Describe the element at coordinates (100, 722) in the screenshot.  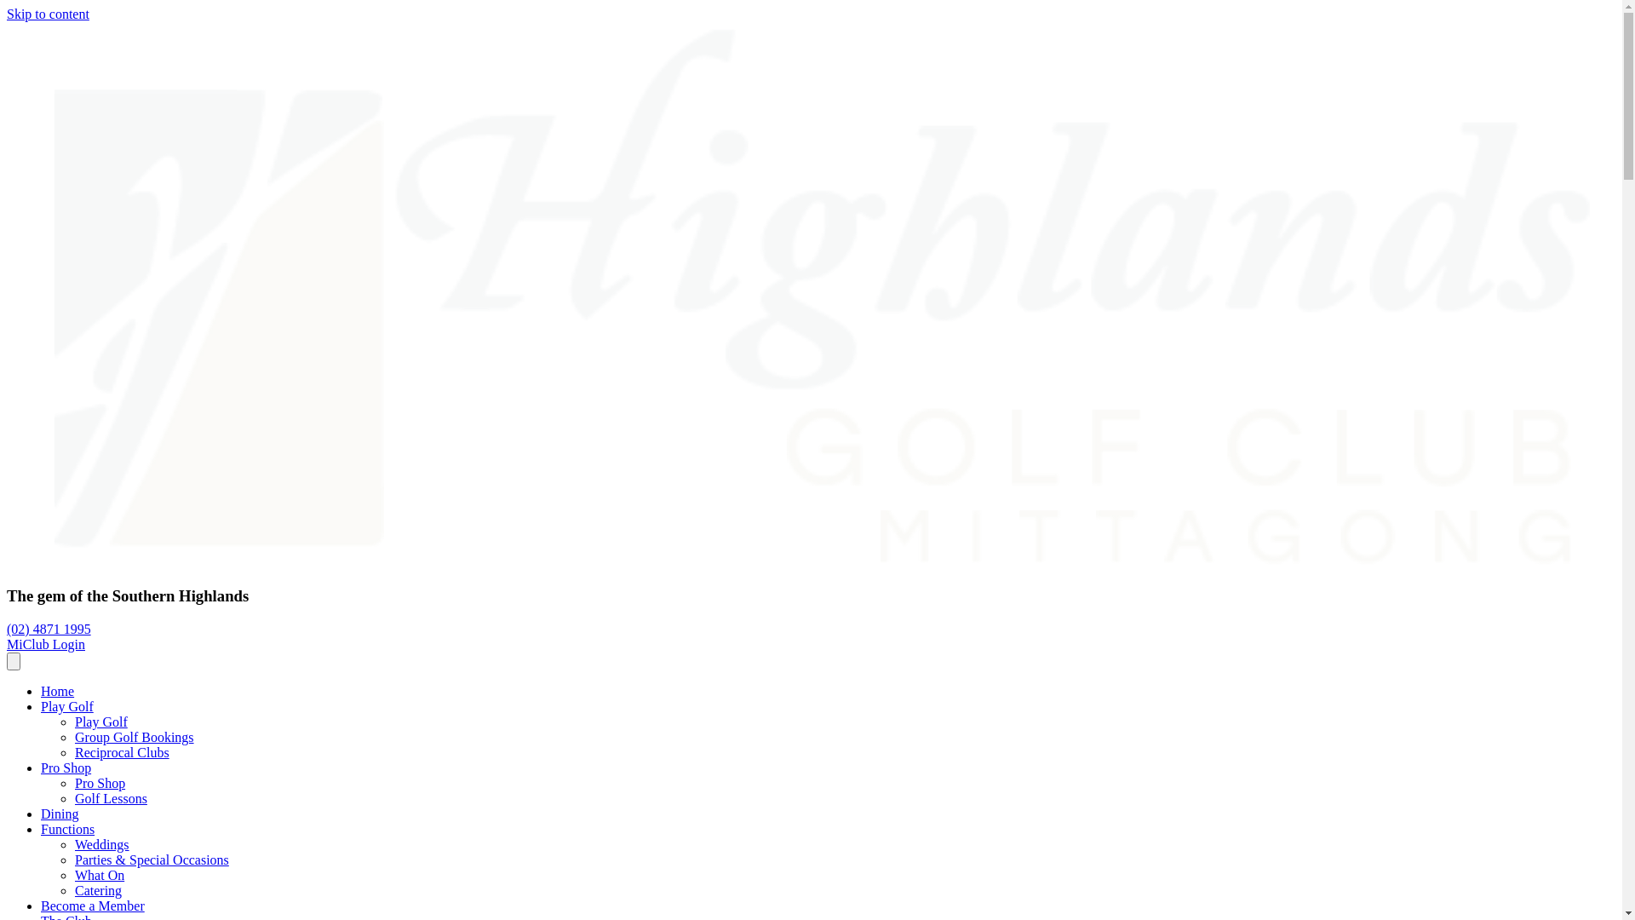
I see `'Play Golf'` at that location.